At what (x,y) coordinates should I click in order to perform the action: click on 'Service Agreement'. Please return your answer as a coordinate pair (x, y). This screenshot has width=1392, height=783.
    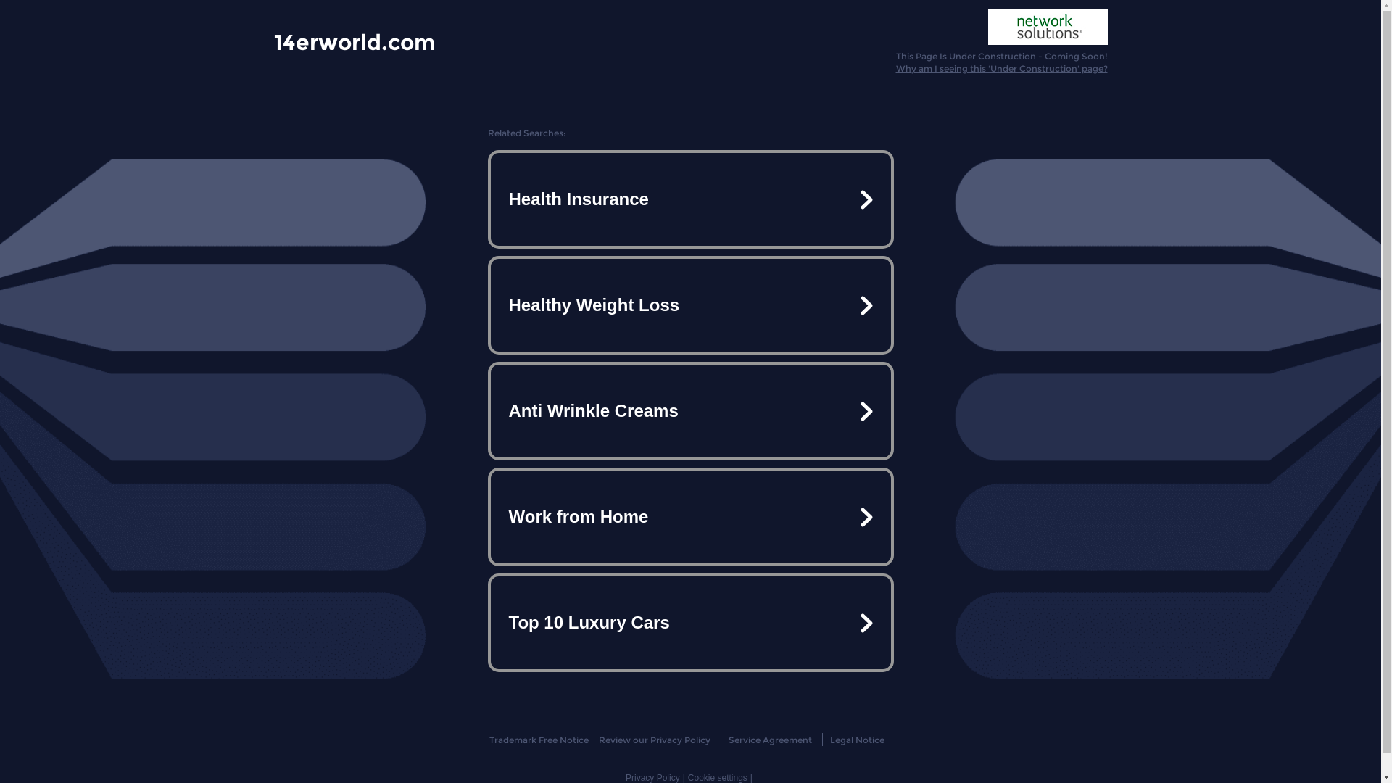
    Looking at the image, I should click on (728, 739).